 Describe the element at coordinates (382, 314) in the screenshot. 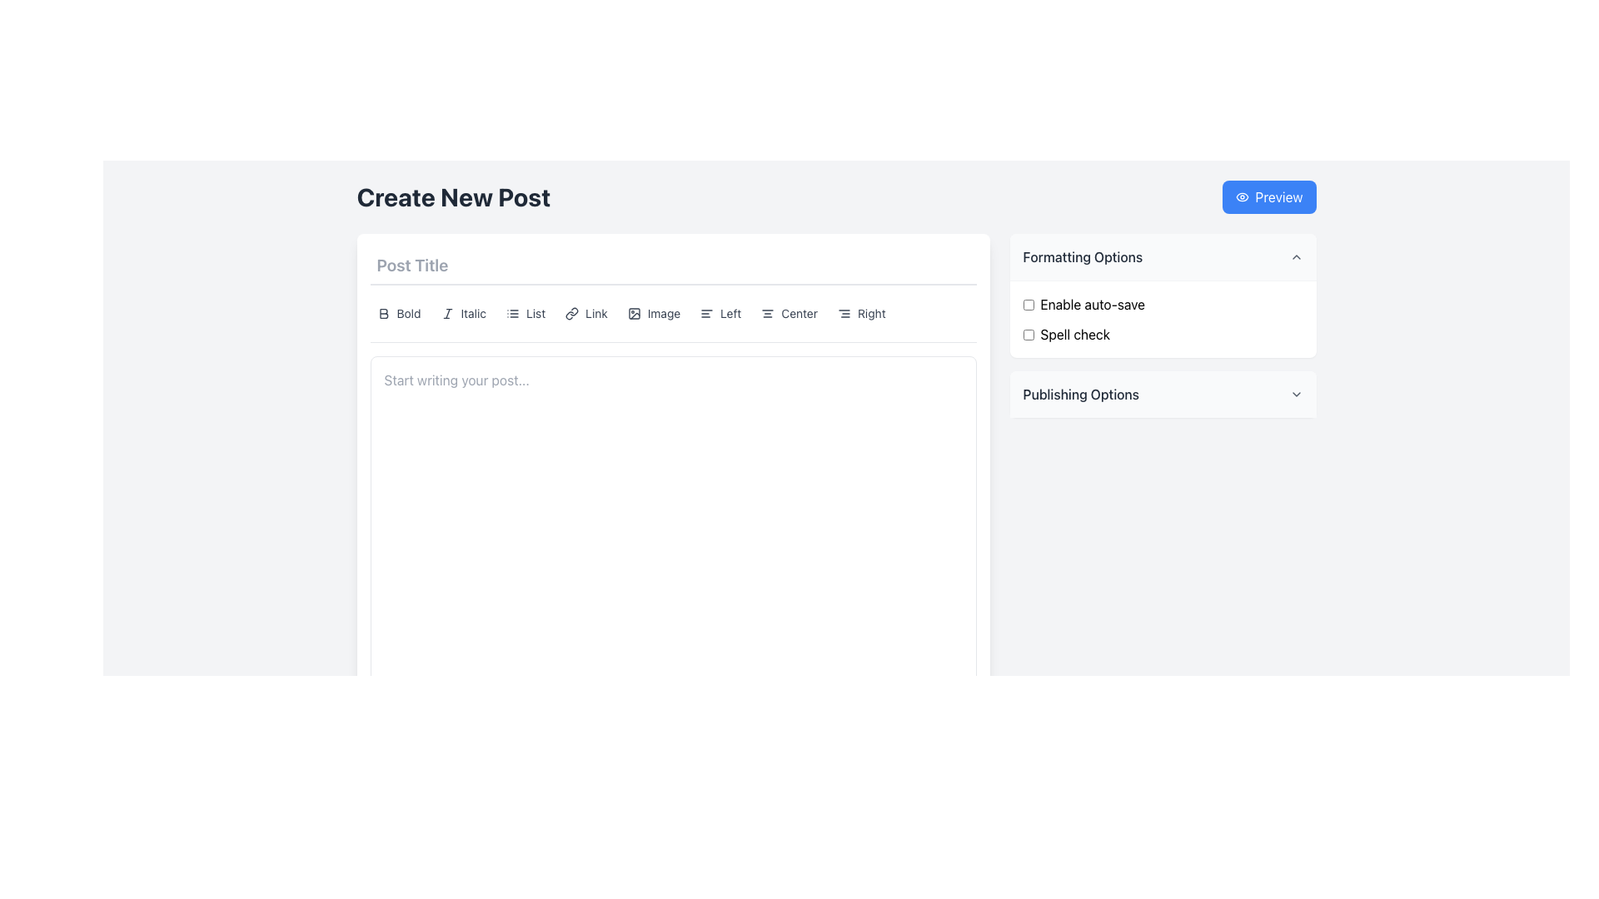

I see `the bold formatting icon located to the left of the 'Bold' text in the toolbar` at that location.